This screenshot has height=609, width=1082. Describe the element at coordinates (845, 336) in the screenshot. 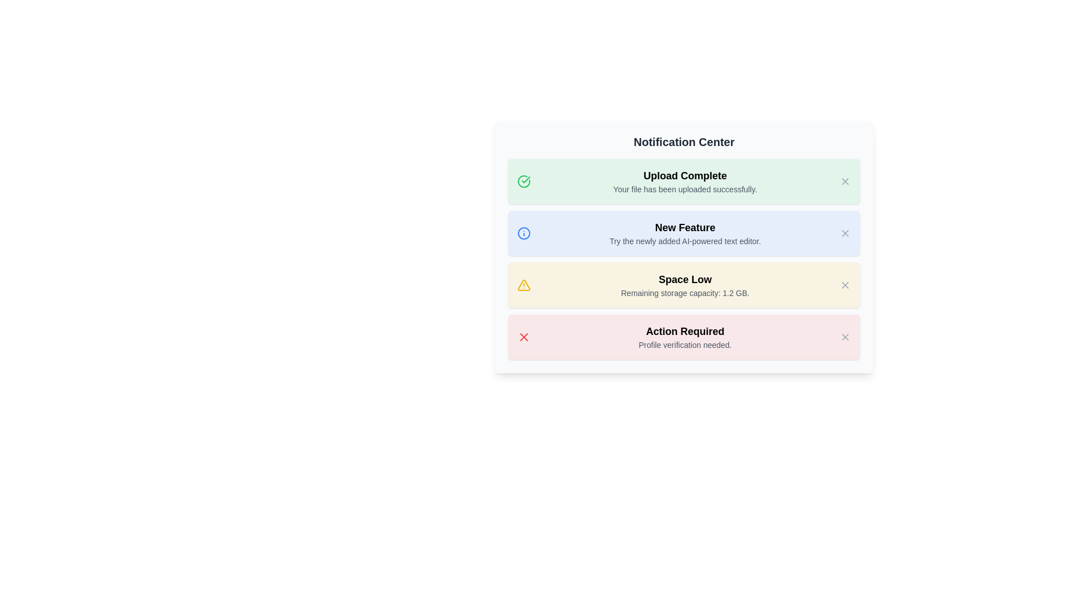

I see `the close button icon located in the bottom-right corner of the notification labeled 'Action Required' to potentially reveal additional details` at that location.